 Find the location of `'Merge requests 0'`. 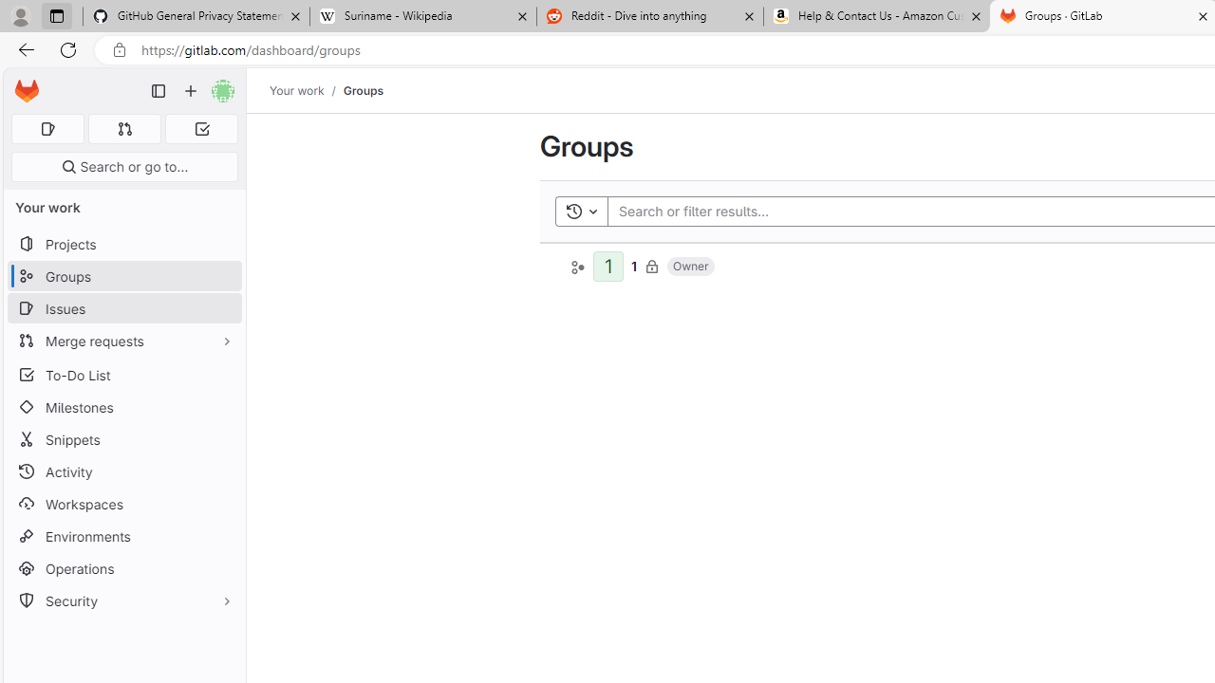

'Merge requests 0' is located at coordinates (123, 128).